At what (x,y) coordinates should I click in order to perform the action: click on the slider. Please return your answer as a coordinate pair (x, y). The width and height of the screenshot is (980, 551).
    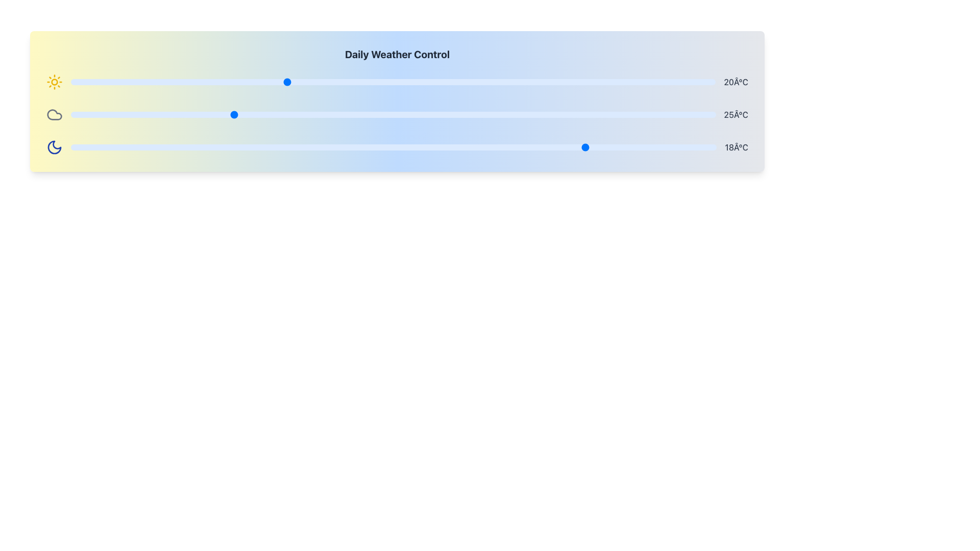
    Looking at the image, I should click on (673, 82).